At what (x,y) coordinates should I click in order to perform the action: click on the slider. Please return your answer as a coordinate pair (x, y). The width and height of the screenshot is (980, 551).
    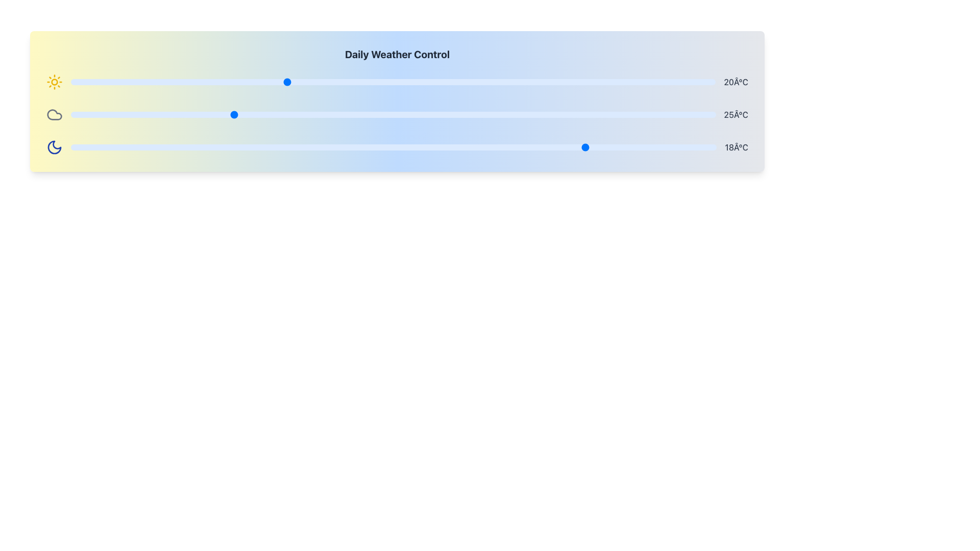
    Looking at the image, I should click on (673, 82).